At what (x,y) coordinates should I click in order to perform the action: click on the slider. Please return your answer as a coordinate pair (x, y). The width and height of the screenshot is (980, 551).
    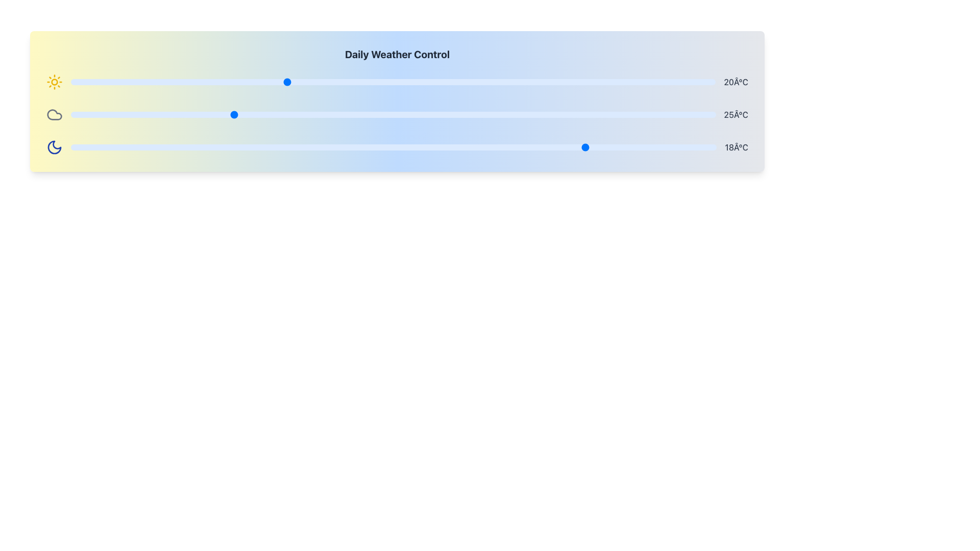
    Looking at the image, I should click on (673, 82).